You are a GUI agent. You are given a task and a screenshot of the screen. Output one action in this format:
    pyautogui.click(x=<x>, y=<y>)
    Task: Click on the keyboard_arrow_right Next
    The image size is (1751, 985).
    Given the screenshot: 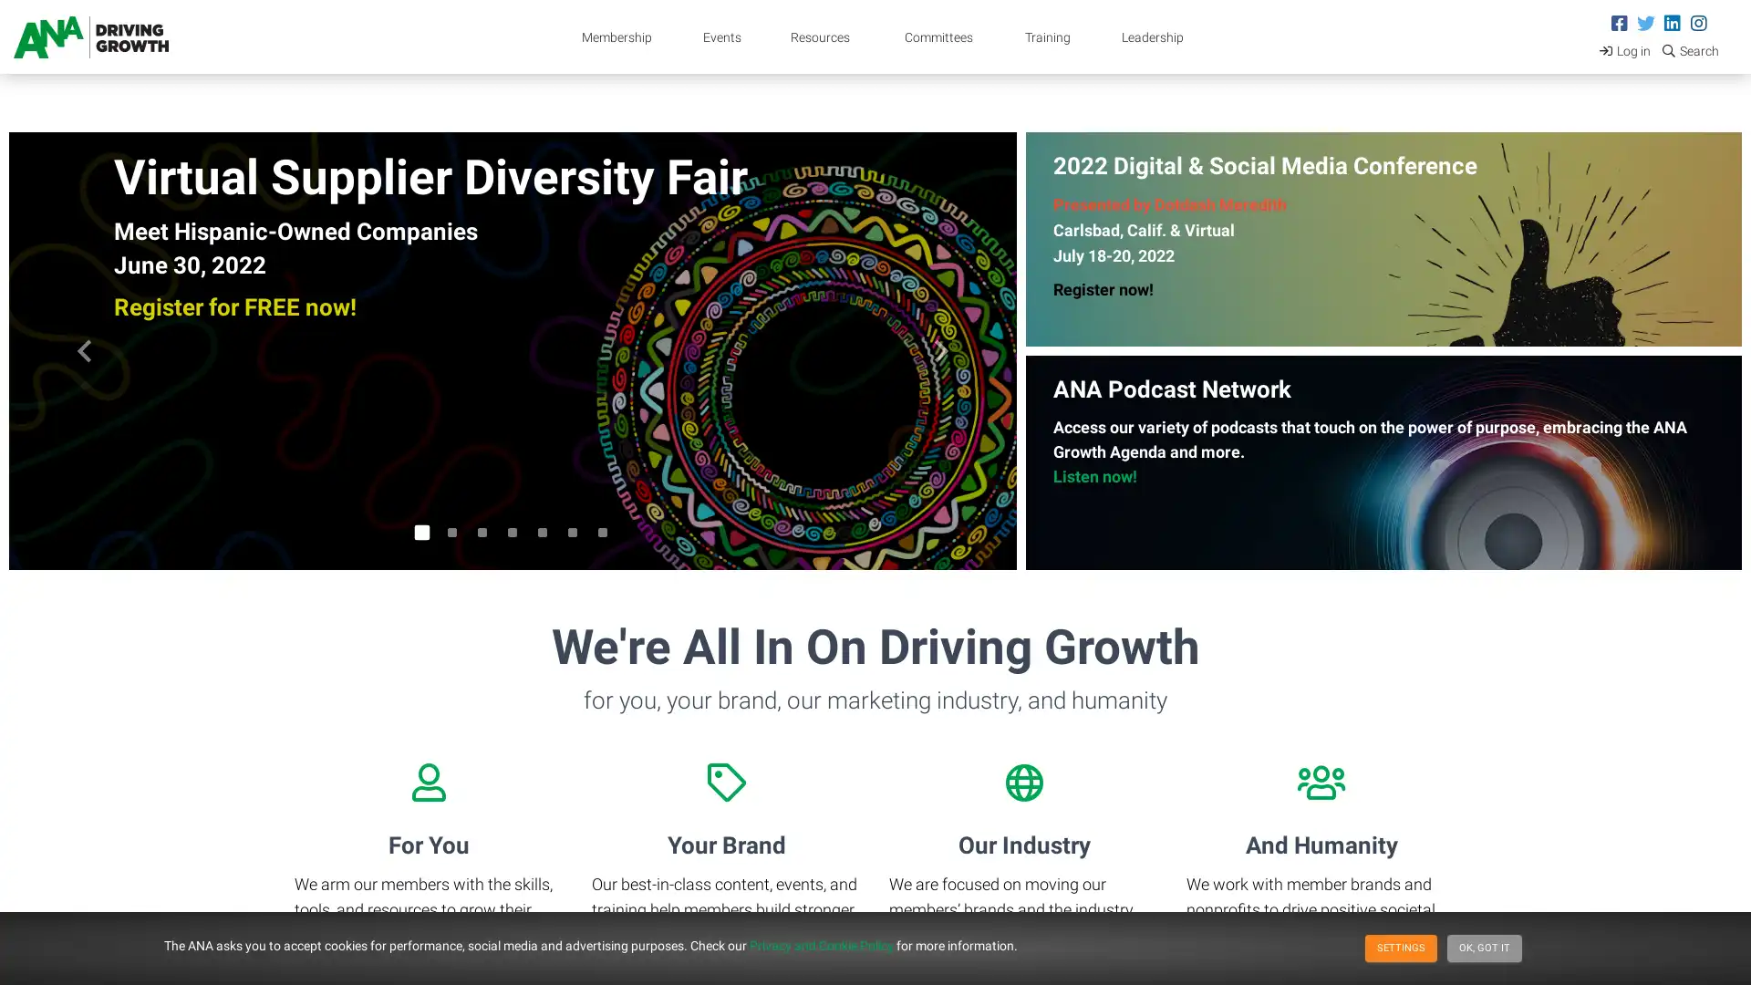 What is the action you would take?
    pyautogui.click(x=940, y=351)
    